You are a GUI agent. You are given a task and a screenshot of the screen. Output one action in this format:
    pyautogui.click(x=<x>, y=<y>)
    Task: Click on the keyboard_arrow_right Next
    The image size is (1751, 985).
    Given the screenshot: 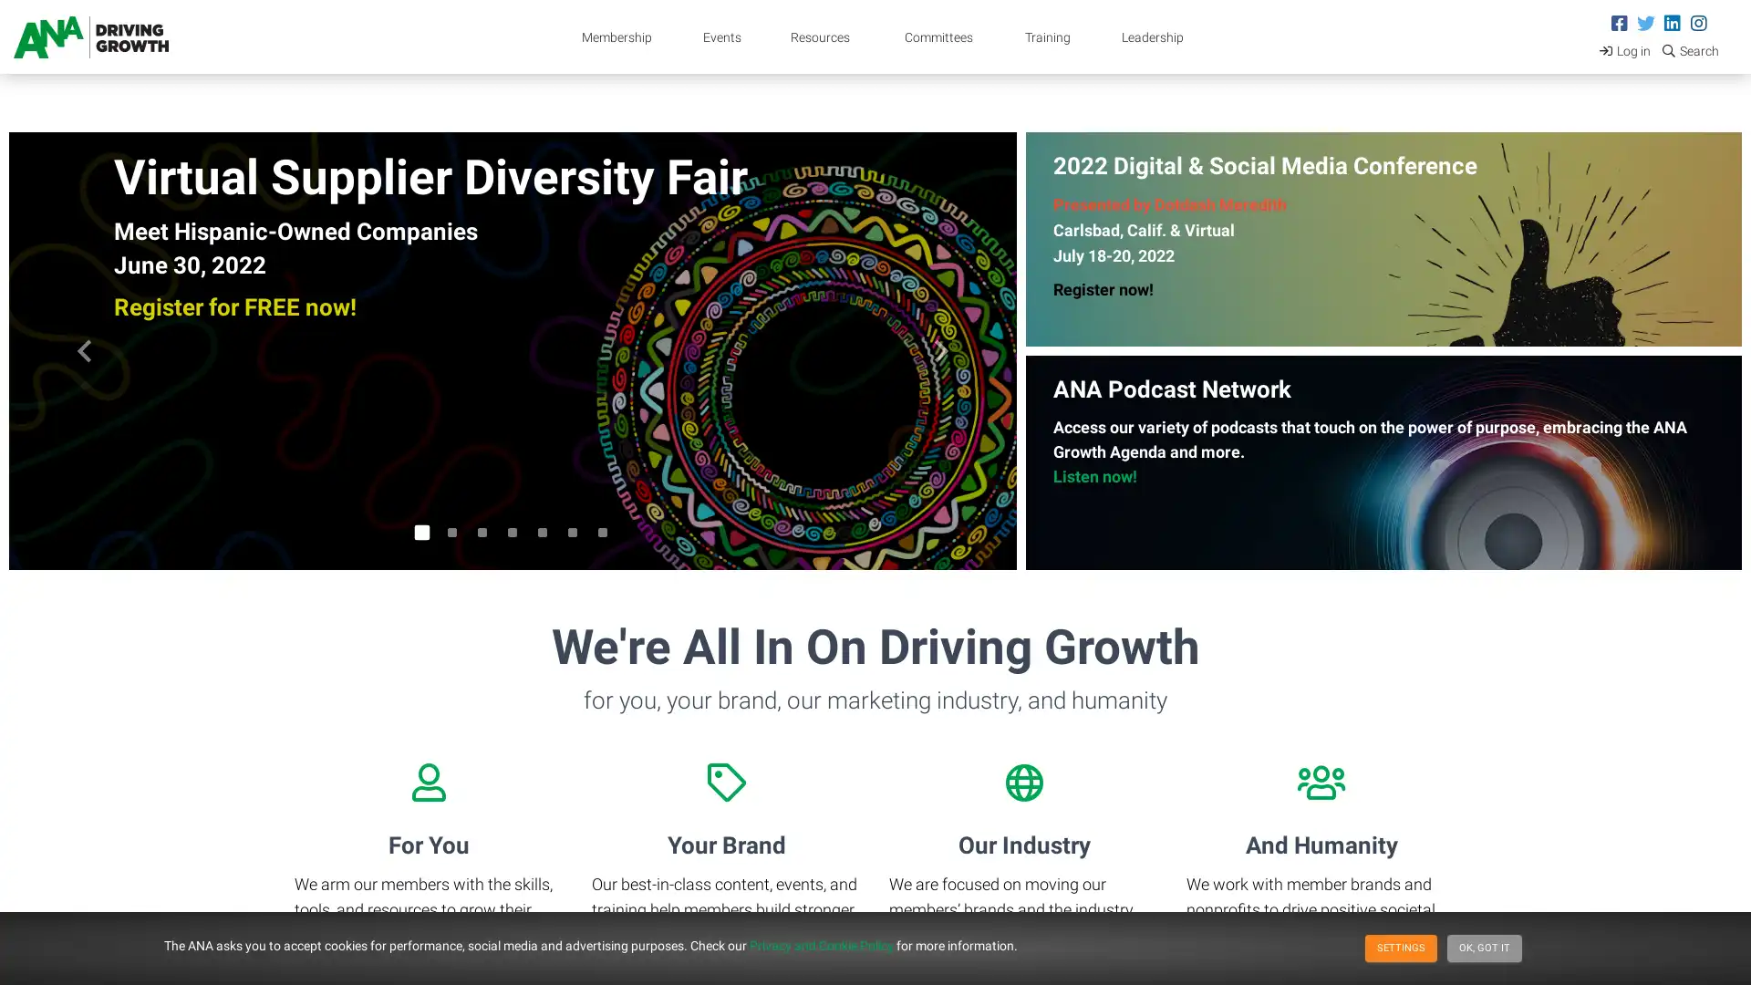 What is the action you would take?
    pyautogui.click(x=940, y=351)
    